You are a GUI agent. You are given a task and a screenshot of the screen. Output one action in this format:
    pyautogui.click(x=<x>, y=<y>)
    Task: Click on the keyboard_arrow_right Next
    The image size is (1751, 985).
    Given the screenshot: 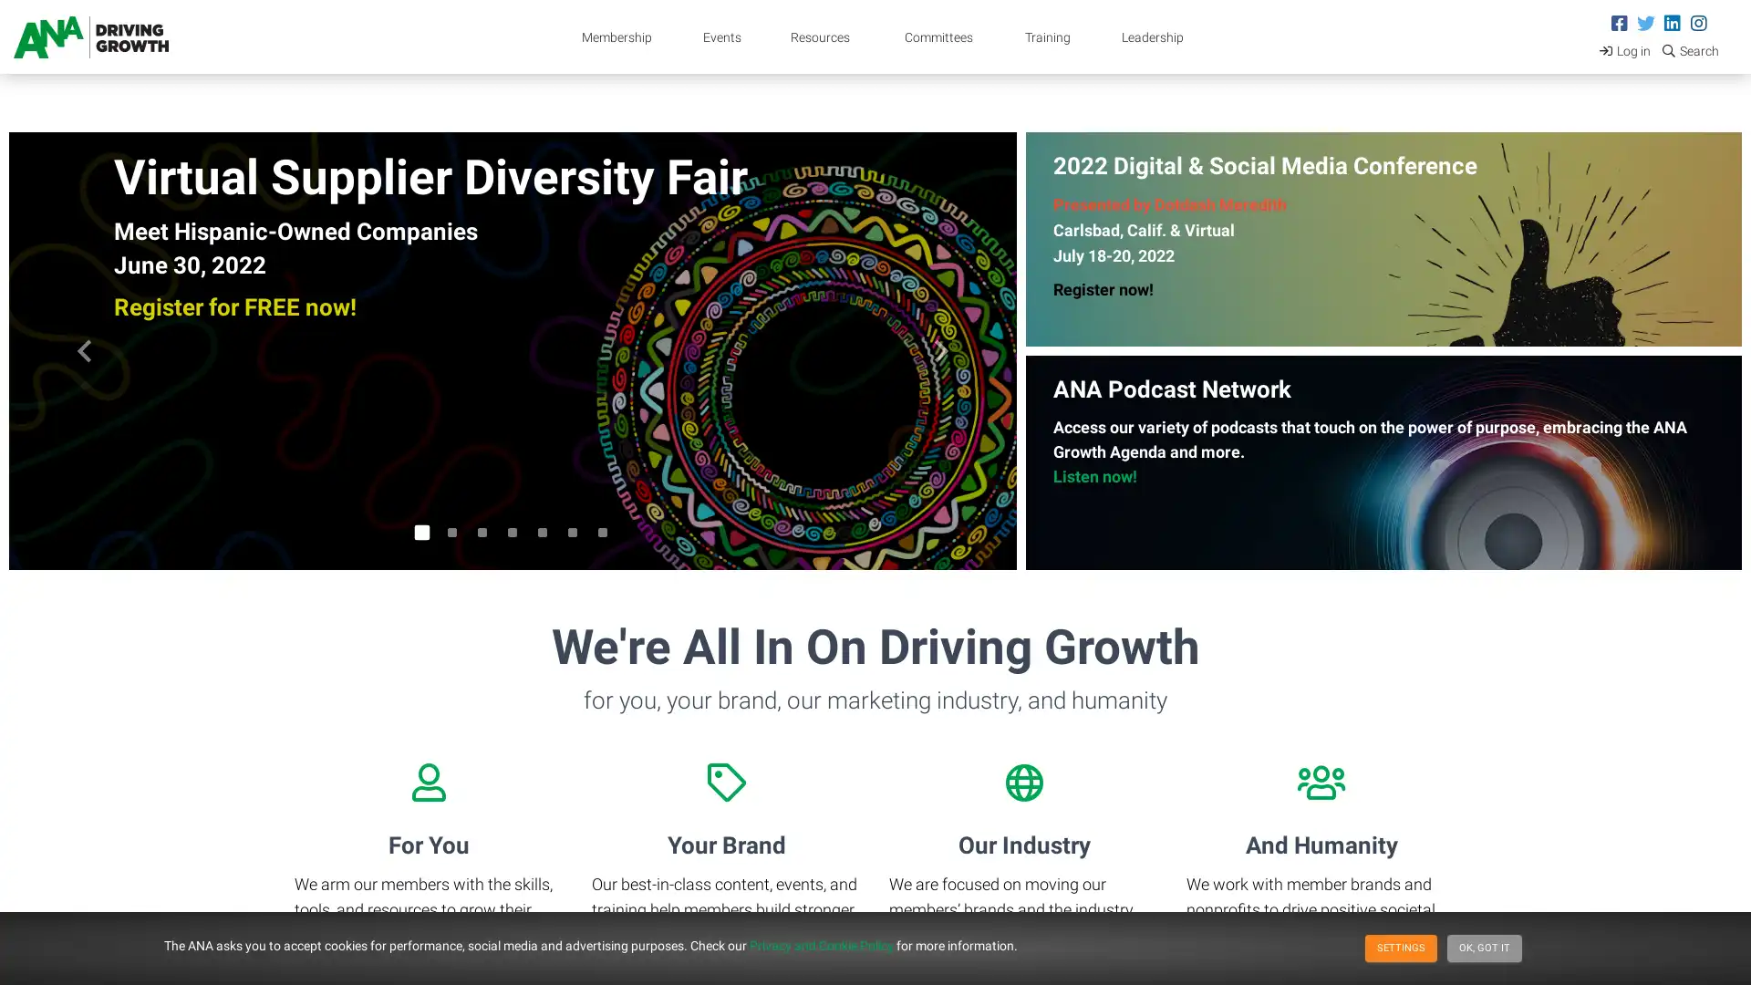 What is the action you would take?
    pyautogui.click(x=940, y=351)
    